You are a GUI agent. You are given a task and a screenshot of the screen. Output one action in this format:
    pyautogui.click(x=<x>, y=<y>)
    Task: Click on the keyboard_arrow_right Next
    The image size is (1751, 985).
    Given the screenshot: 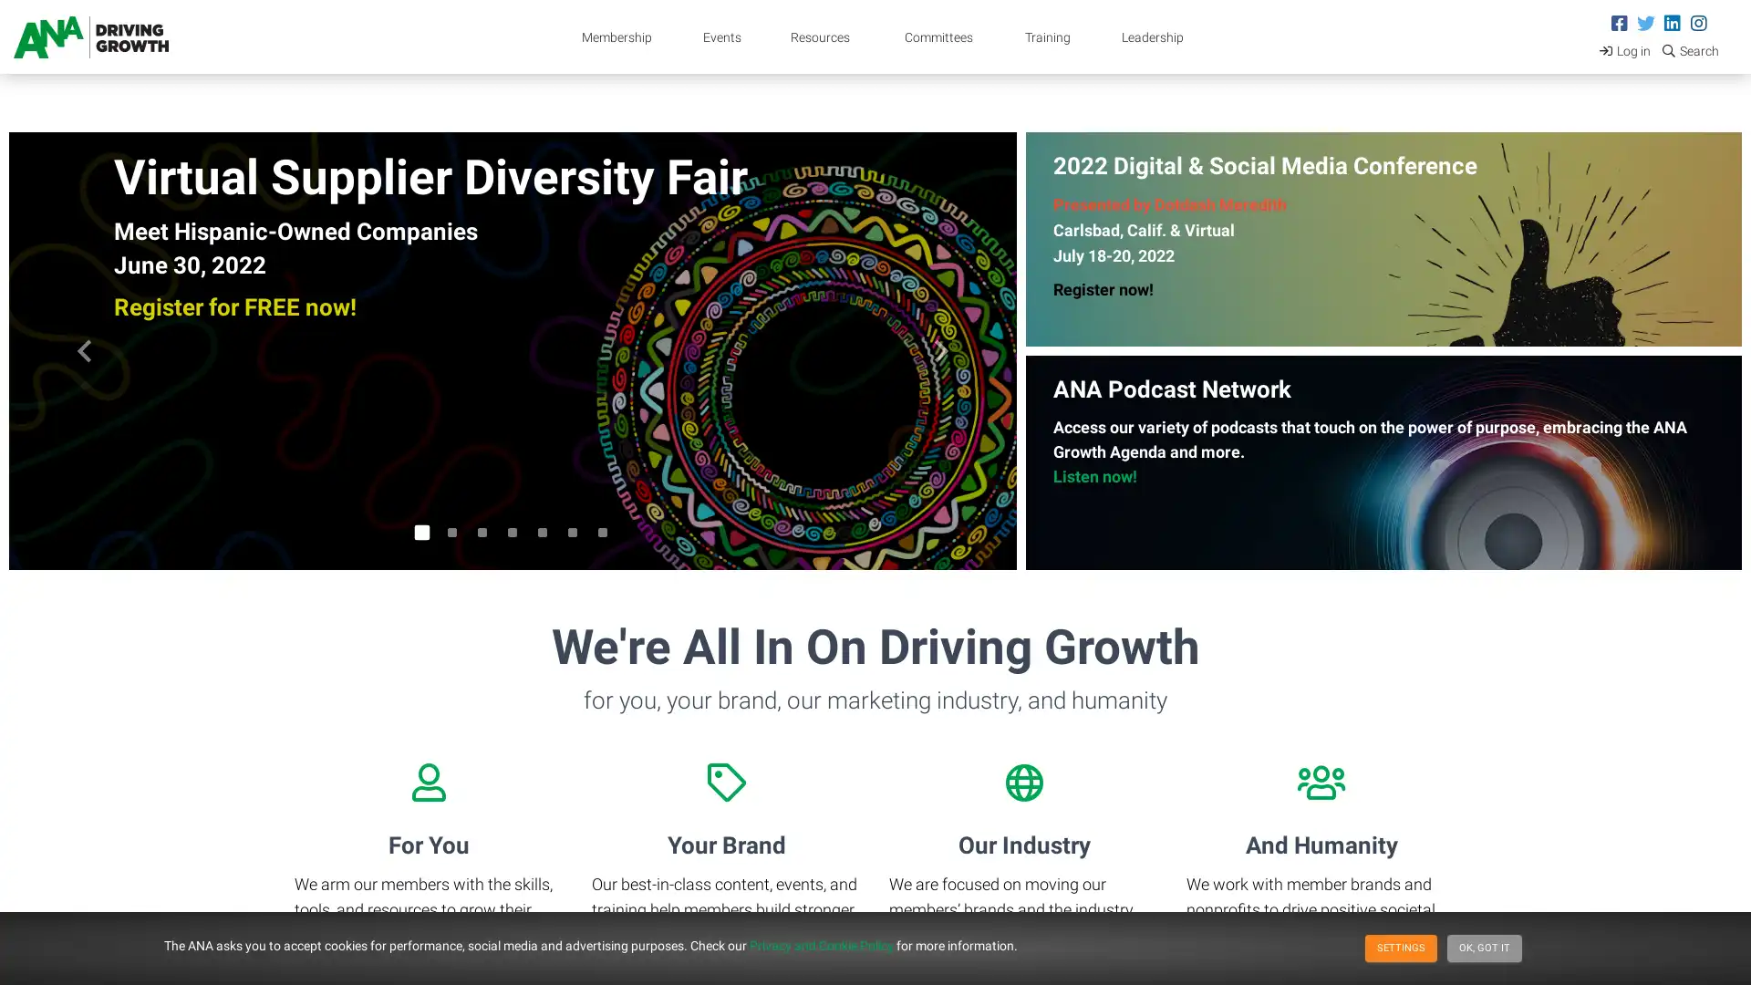 What is the action you would take?
    pyautogui.click(x=940, y=351)
    